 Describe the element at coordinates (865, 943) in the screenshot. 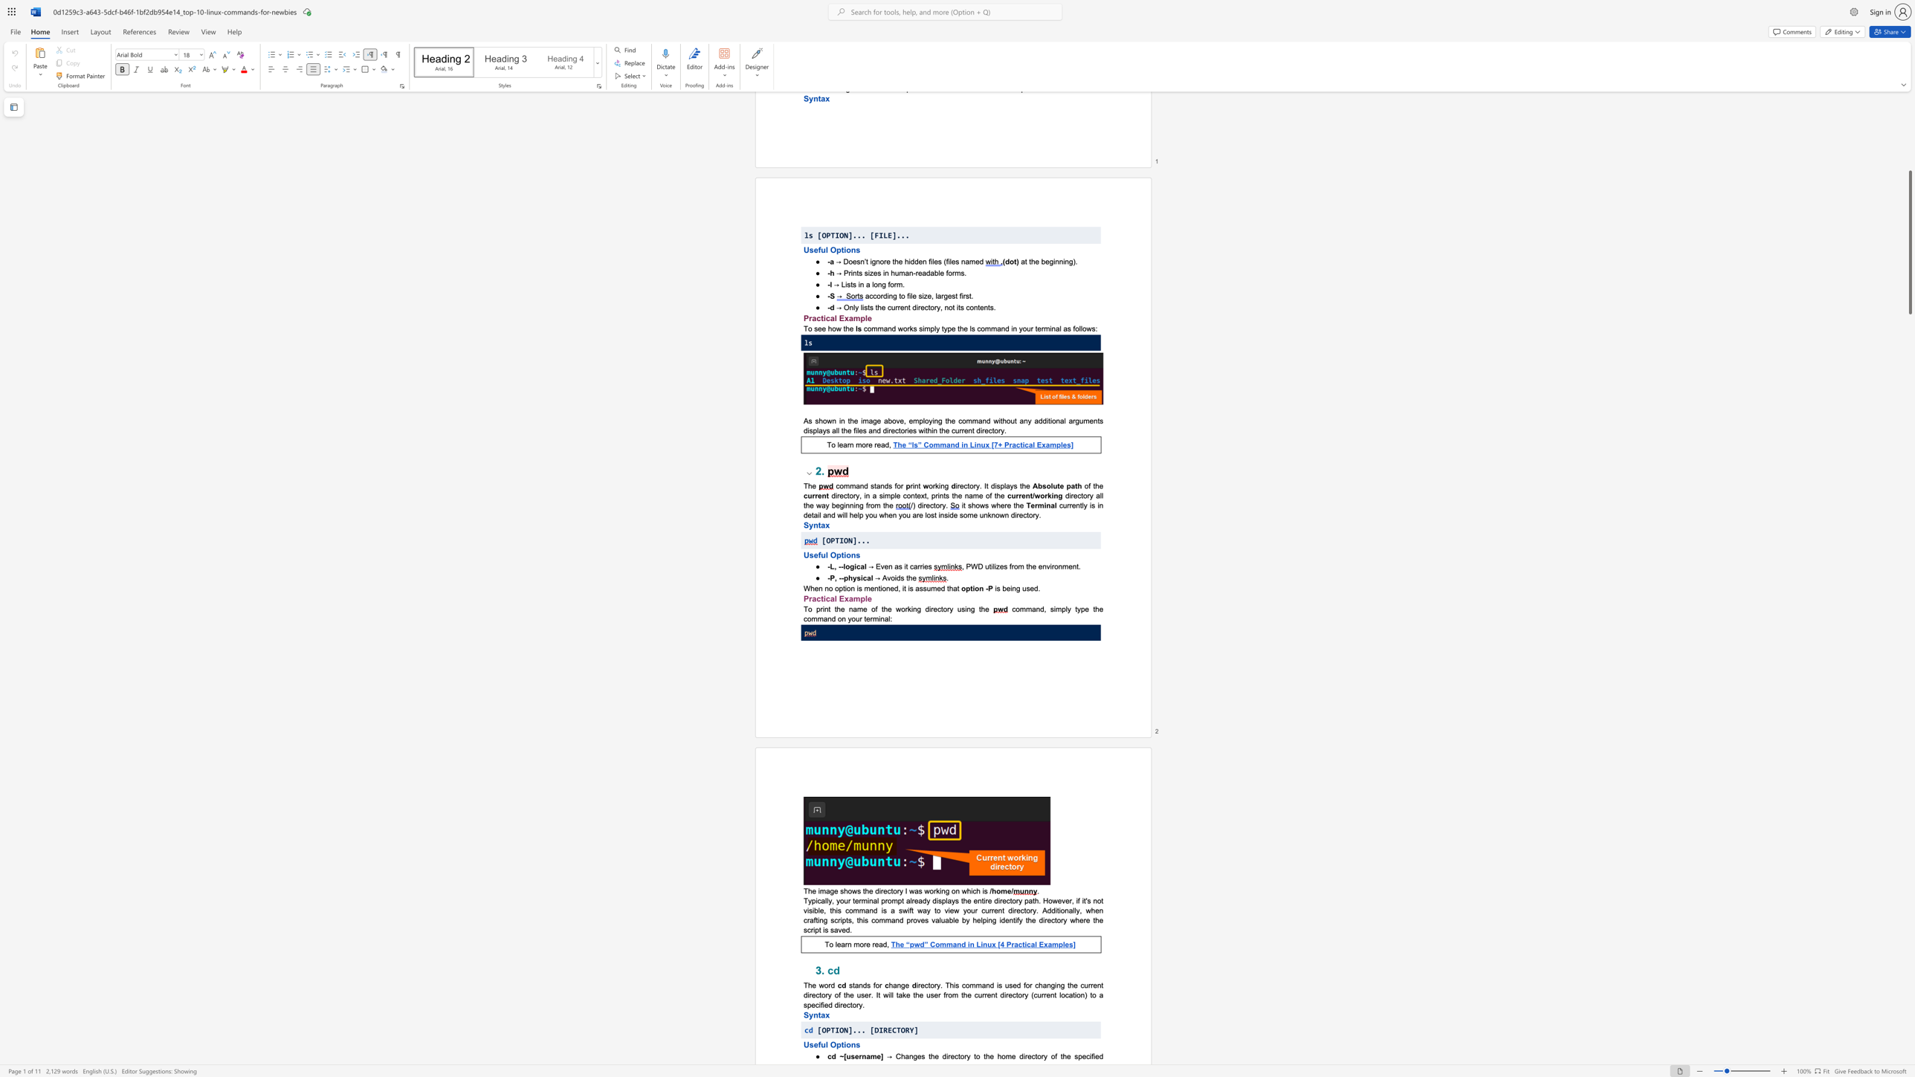

I see `the 2th character "r" in the text` at that location.